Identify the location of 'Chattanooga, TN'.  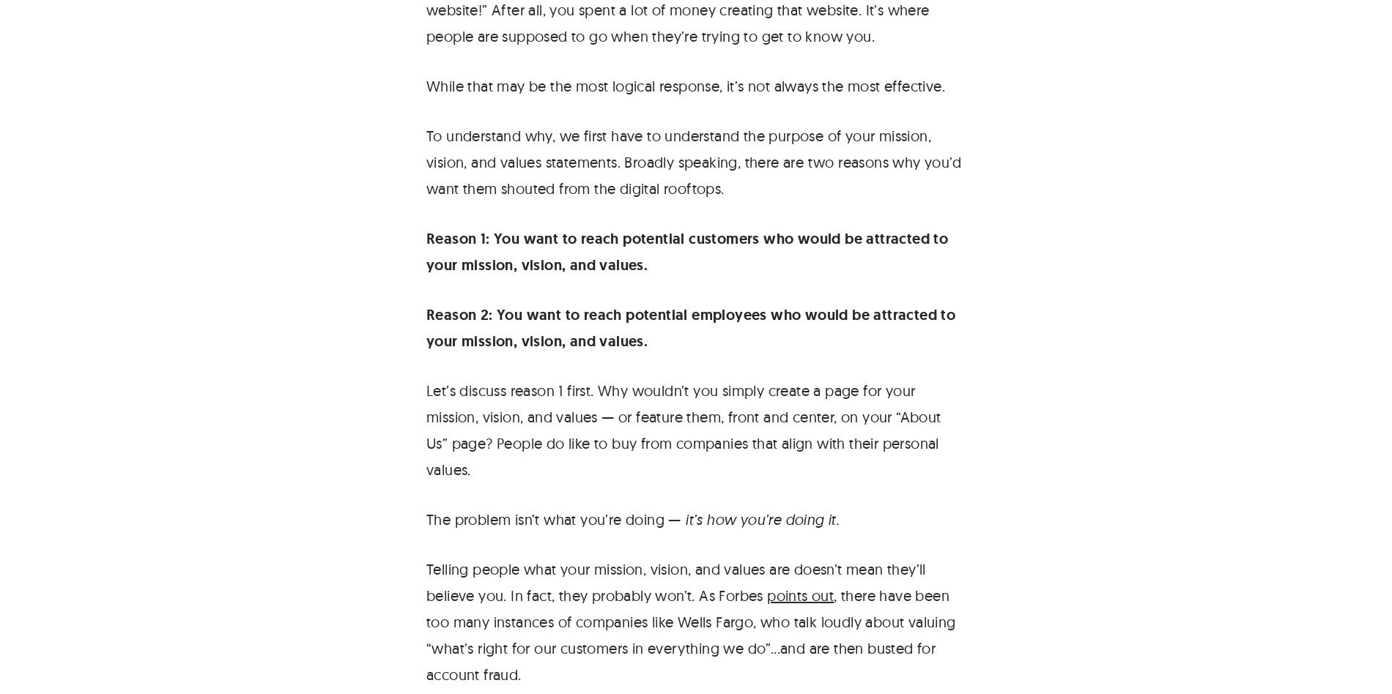
(1294, 221).